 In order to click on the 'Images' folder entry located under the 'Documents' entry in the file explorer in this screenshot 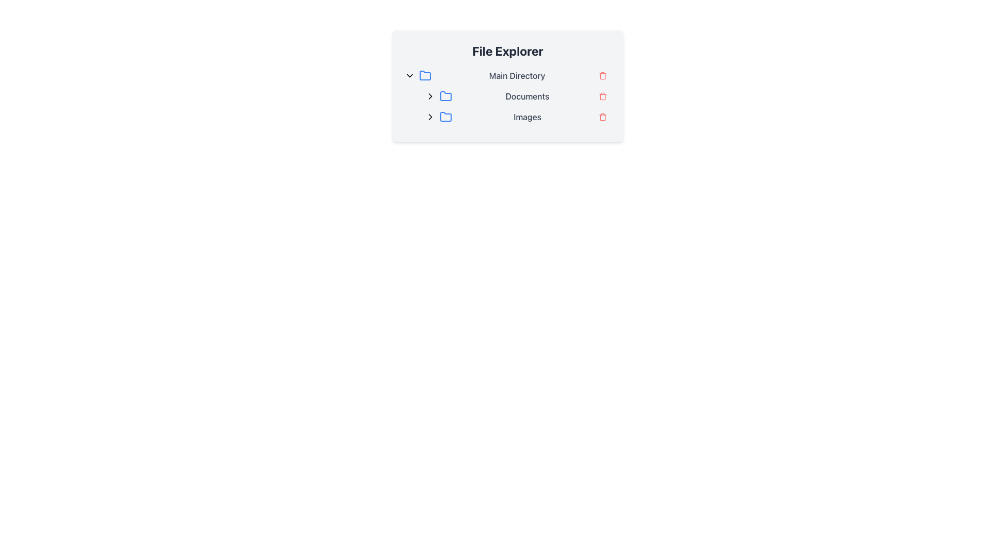, I will do `click(512, 117)`.